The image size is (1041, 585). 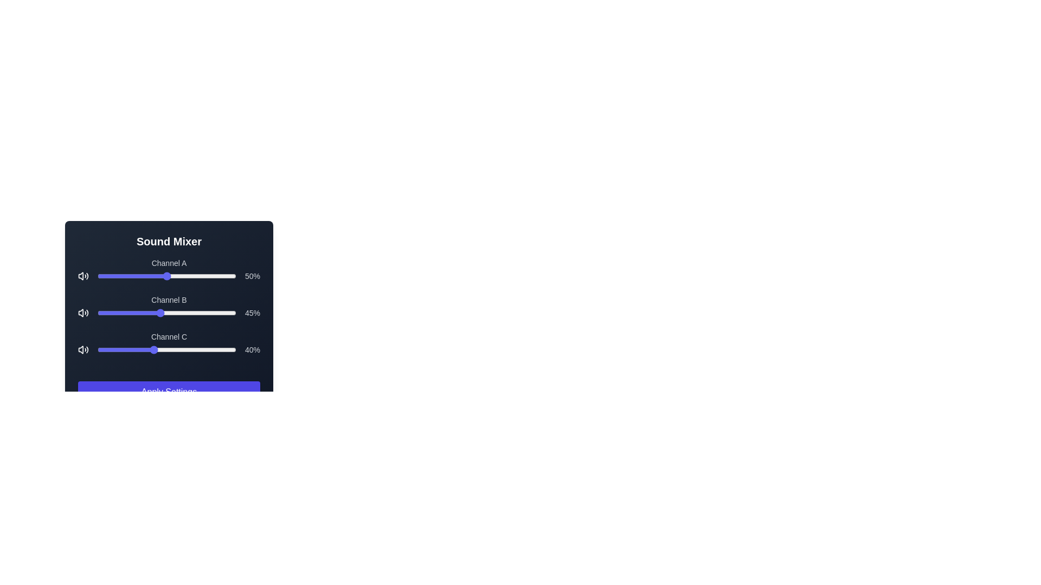 I want to click on Channel A volume, so click(x=129, y=275).